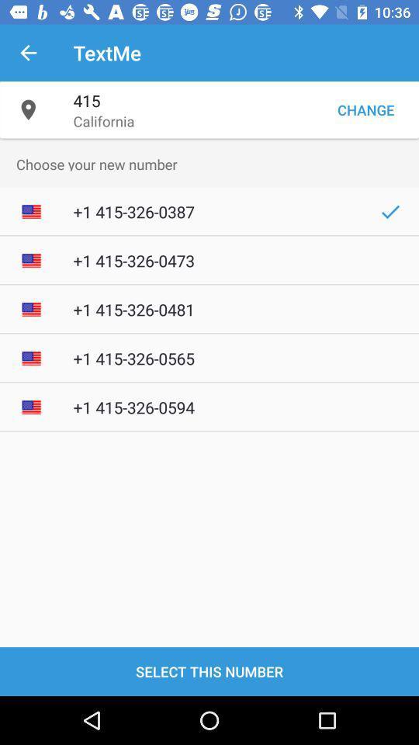  Describe the element at coordinates (365, 109) in the screenshot. I see `change item` at that location.